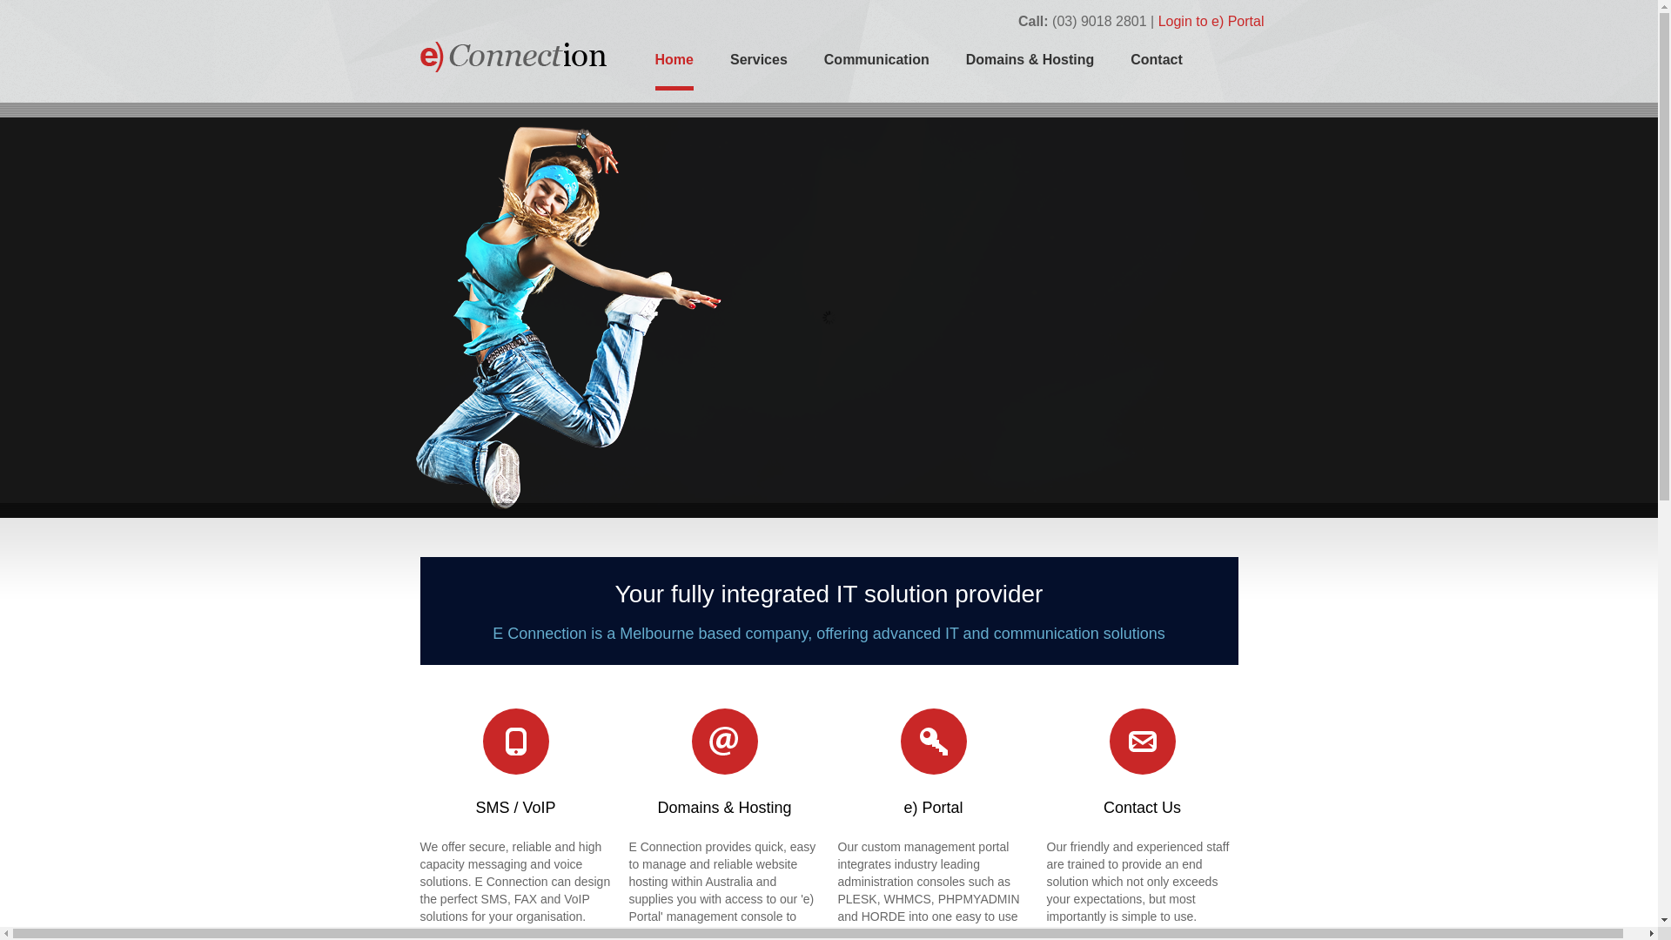  Describe the element at coordinates (1157, 67) in the screenshot. I see `'Contact'` at that location.